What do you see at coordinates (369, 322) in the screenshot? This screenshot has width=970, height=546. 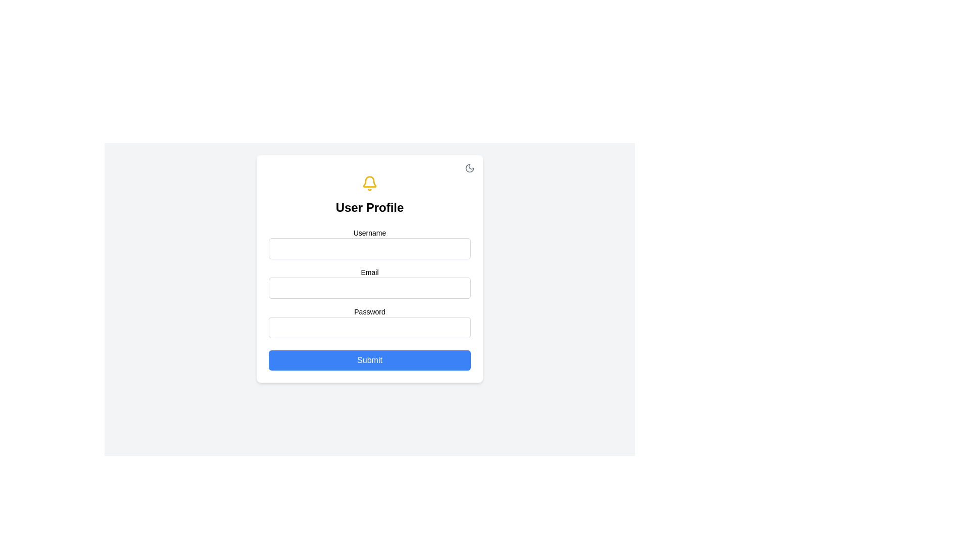 I see `the Password input field to focus, which is the third input in the vertical form containing 'Username', 'Email', and 'Password'` at bounding box center [369, 322].